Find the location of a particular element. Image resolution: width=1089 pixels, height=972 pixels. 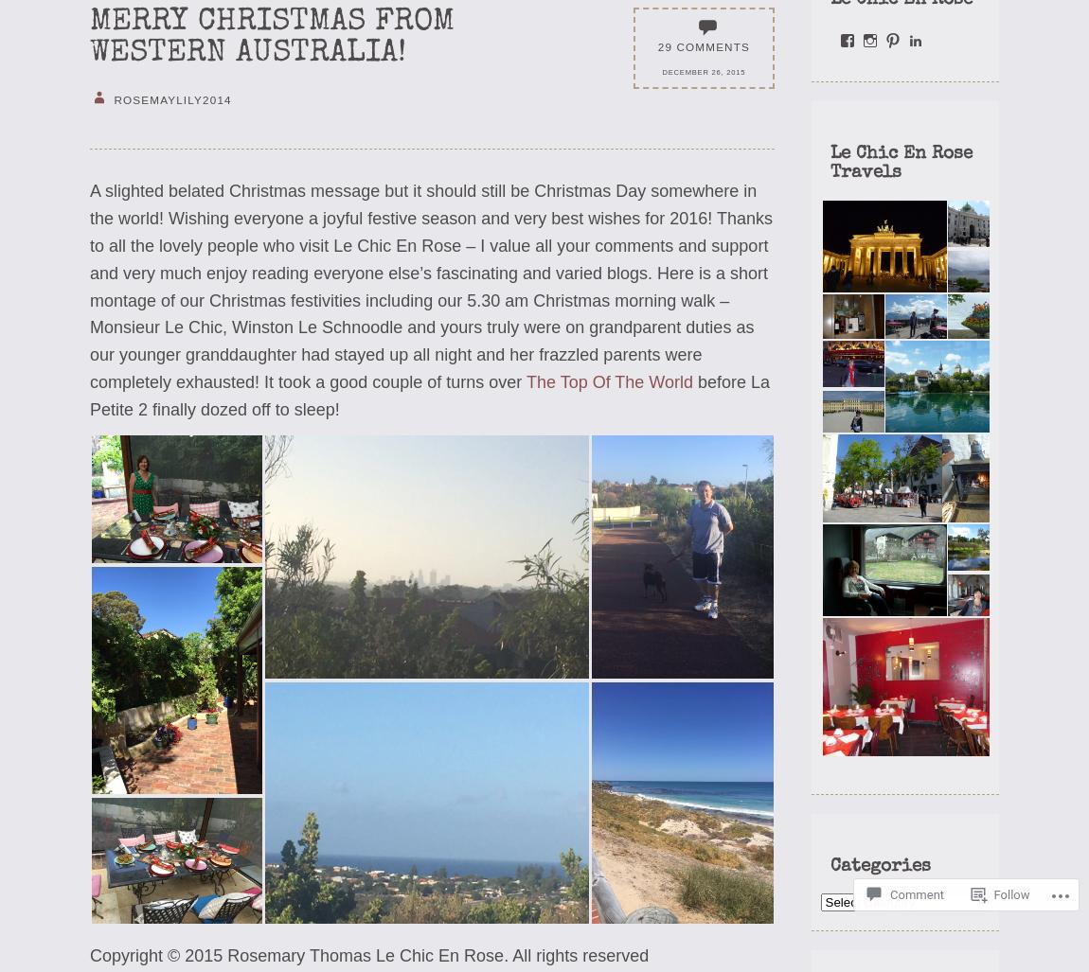

'rosemaylily2014' is located at coordinates (169, 97).